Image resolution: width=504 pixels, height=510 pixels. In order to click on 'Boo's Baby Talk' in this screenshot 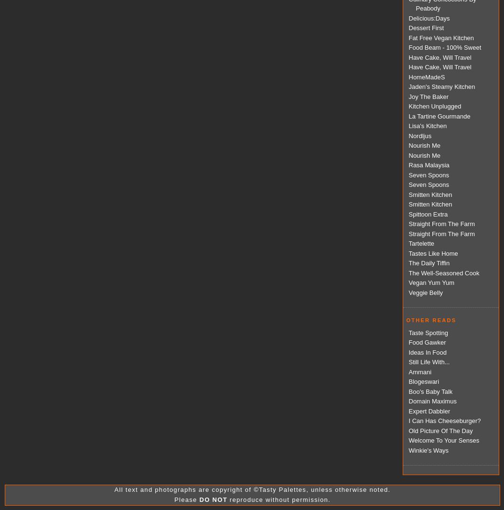, I will do `click(429, 391)`.